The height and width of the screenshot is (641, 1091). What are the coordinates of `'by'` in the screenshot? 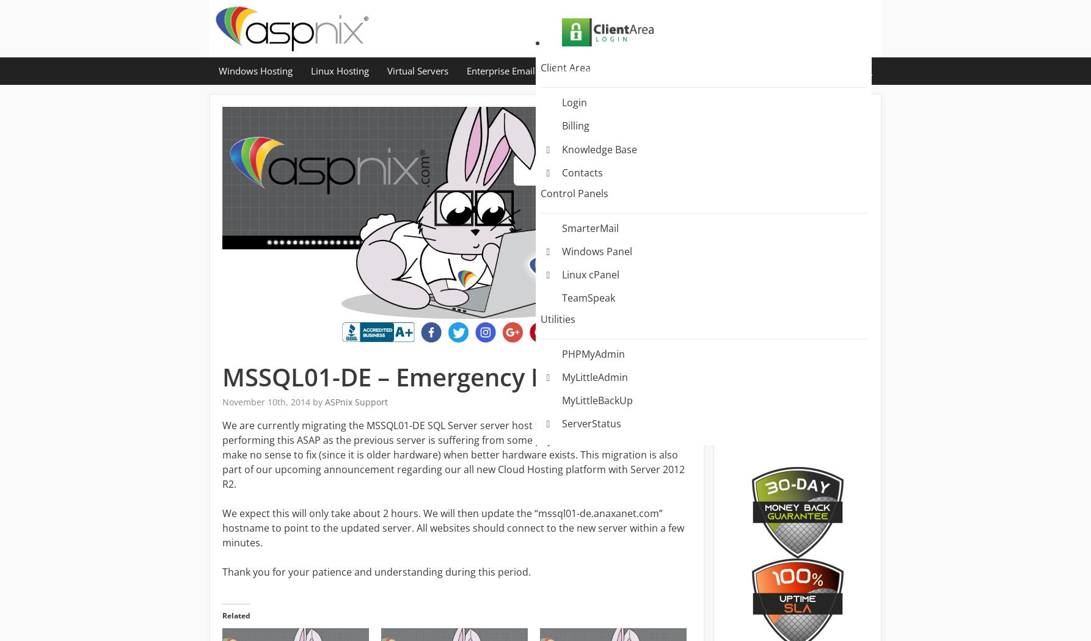 It's located at (312, 400).